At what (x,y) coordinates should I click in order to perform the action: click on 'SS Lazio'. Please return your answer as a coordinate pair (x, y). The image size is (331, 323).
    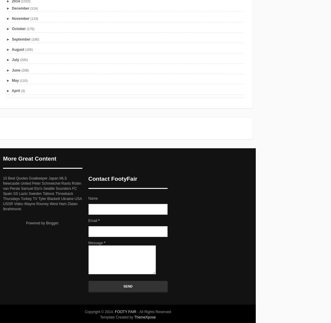
    Looking at the image, I should click on (20, 193).